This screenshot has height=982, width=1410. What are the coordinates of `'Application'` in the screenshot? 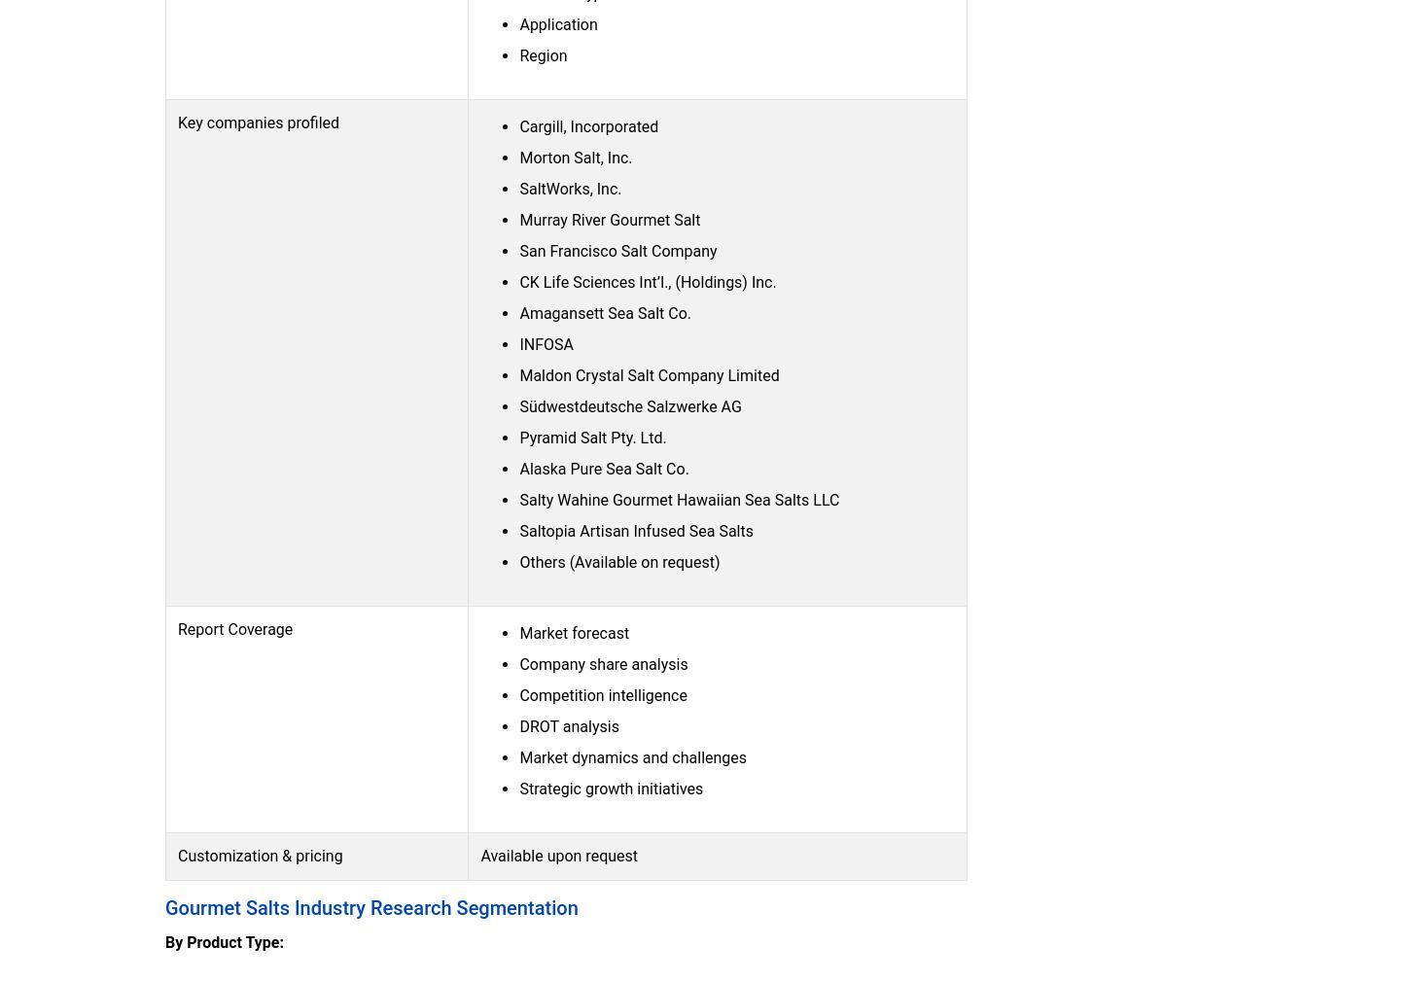 It's located at (558, 22).